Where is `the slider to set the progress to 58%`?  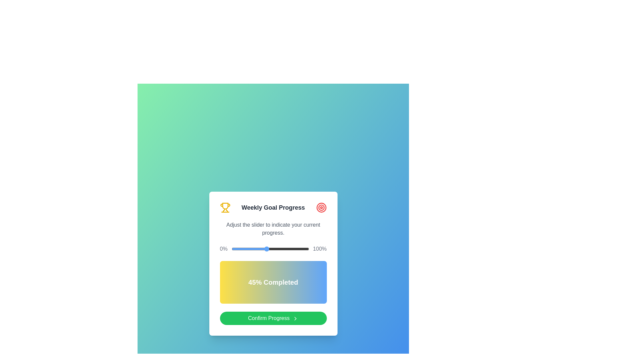 the slider to set the progress to 58% is located at coordinates (276, 249).